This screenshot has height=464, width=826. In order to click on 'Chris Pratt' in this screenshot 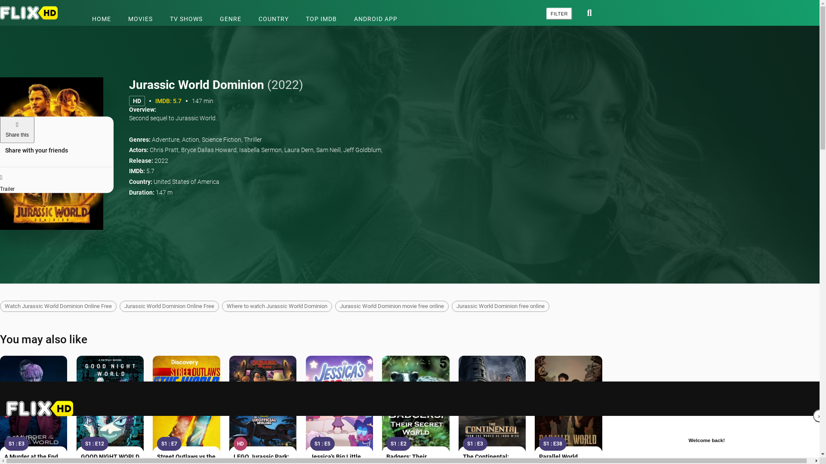, I will do `click(164, 149)`.